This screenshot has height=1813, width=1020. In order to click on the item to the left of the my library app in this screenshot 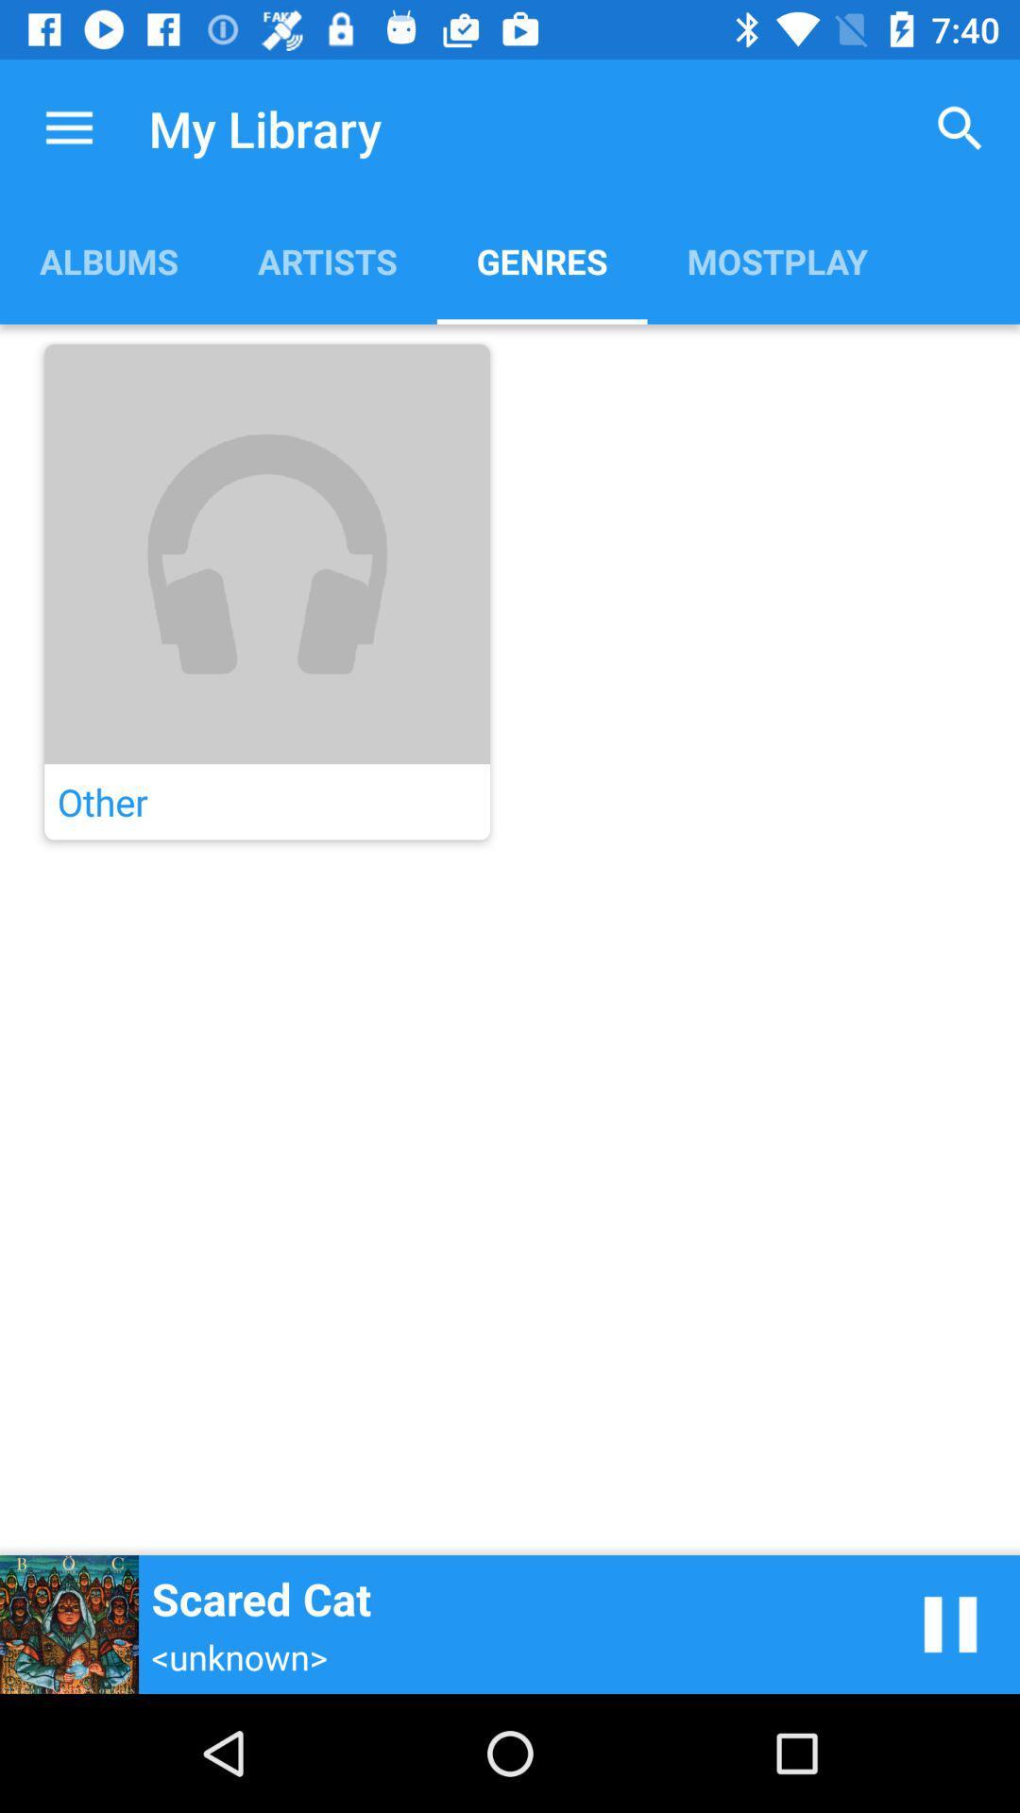, I will do `click(68, 127)`.